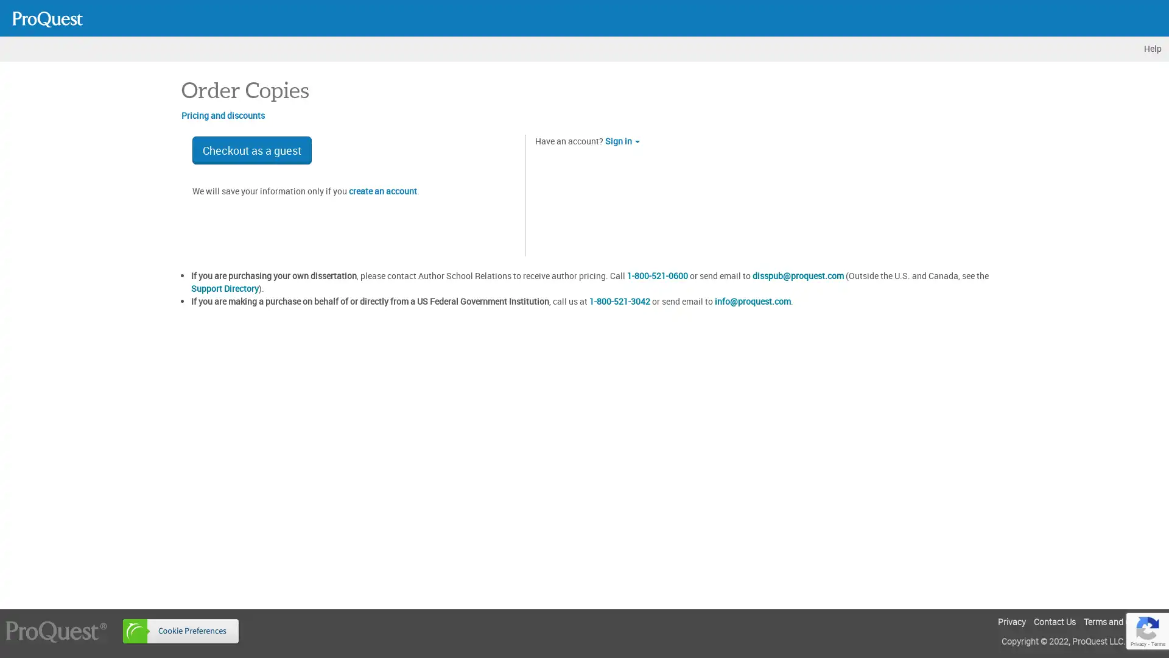  Describe the element at coordinates (251, 149) in the screenshot. I see `Checkout as a guest` at that location.